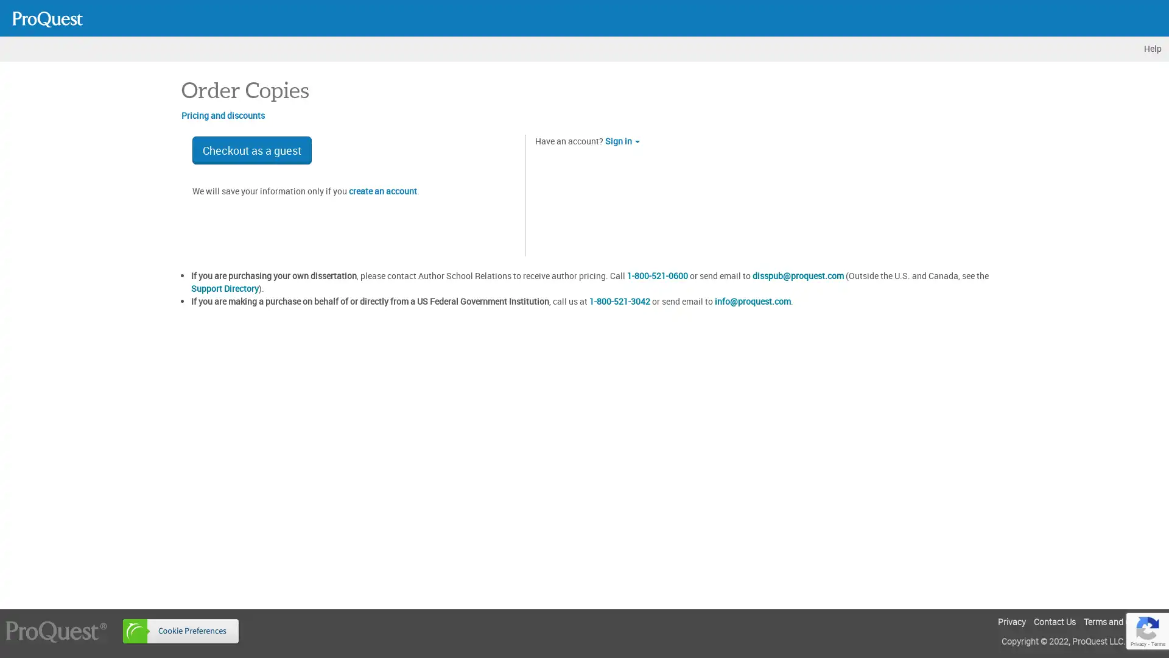  Describe the element at coordinates (251, 149) in the screenshot. I see `Checkout as a guest` at that location.